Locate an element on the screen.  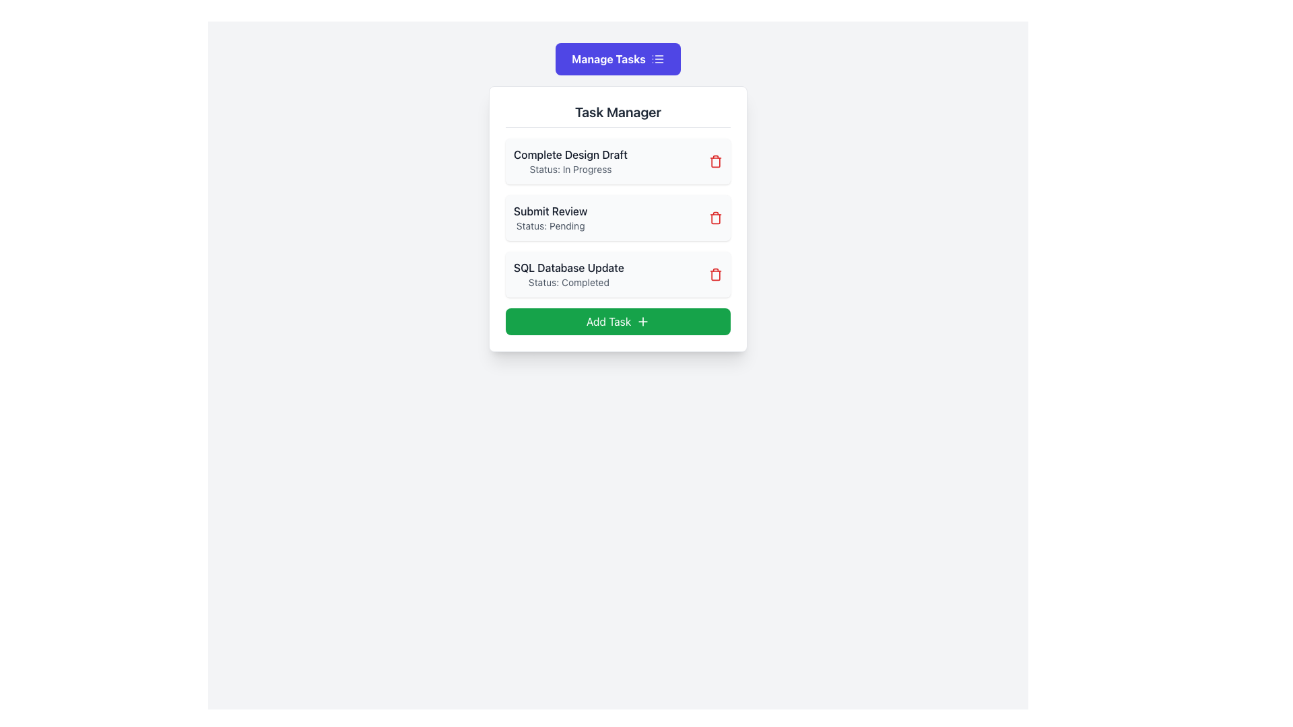
the trash can icon located in the top right corner of the third list item labeled 'SQL Database Update' in the 'Task Manager' card is located at coordinates (715, 274).